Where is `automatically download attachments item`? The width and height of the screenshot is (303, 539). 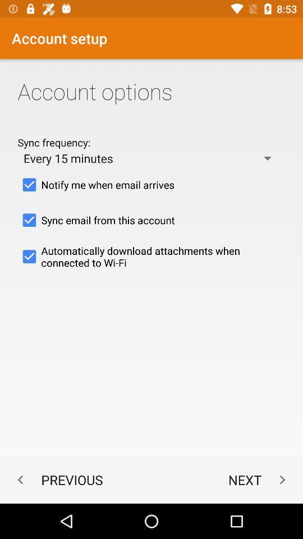
automatically download attachments item is located at coordinates (151, 257).